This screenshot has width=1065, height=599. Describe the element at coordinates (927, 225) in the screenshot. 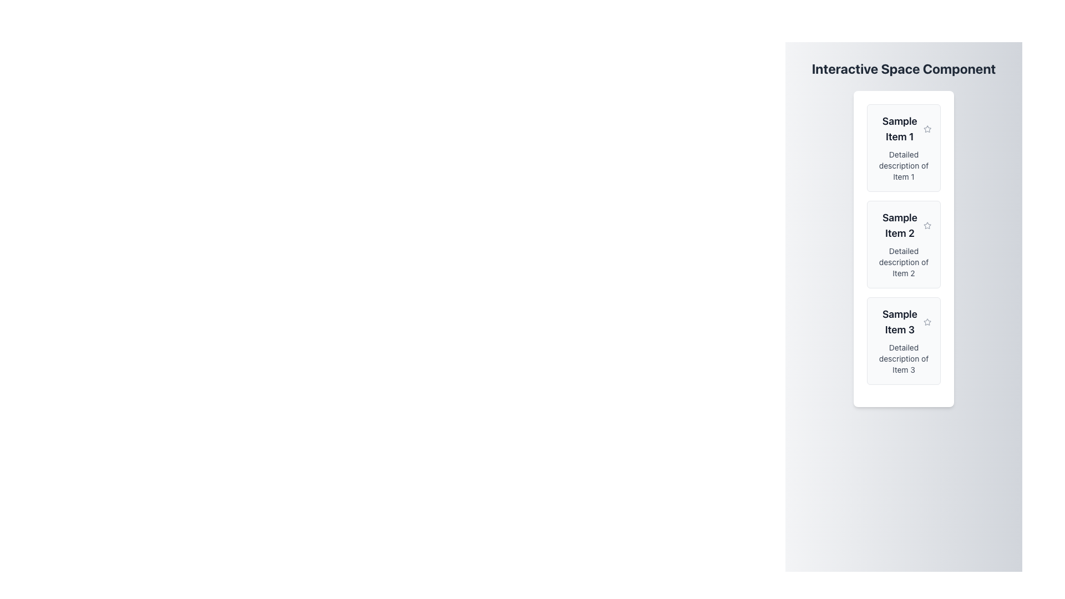

I see `the star-shaped icon located to the right of 'Sample Item 2'` at that location.